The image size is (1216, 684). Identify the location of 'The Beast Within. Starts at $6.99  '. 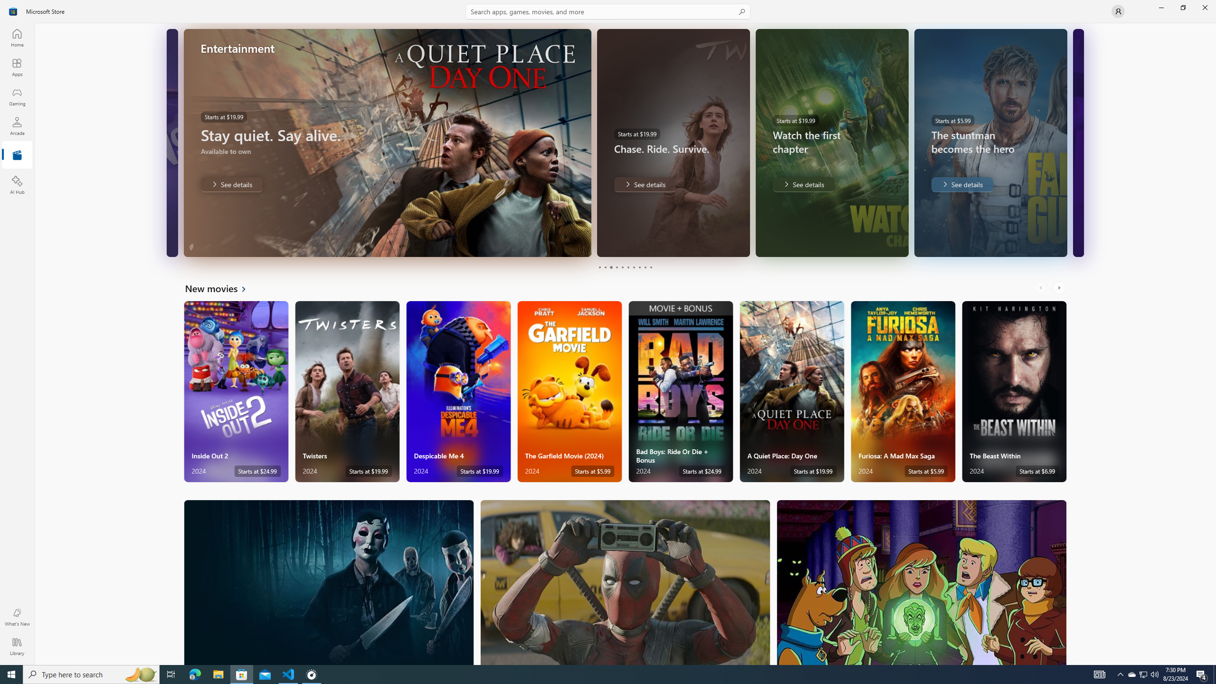
(1014, 391).